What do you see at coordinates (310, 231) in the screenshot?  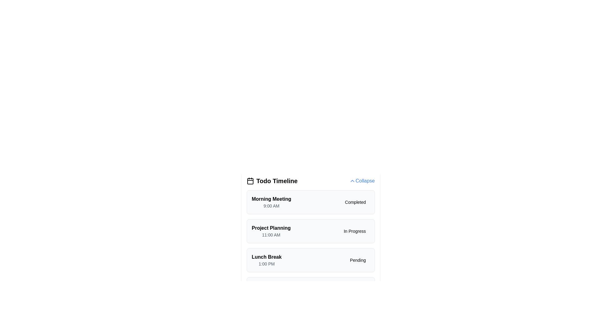 I see `the 'Project Planning' card element in the 'Todo Timeline' section` at bounding box center [310, 231].